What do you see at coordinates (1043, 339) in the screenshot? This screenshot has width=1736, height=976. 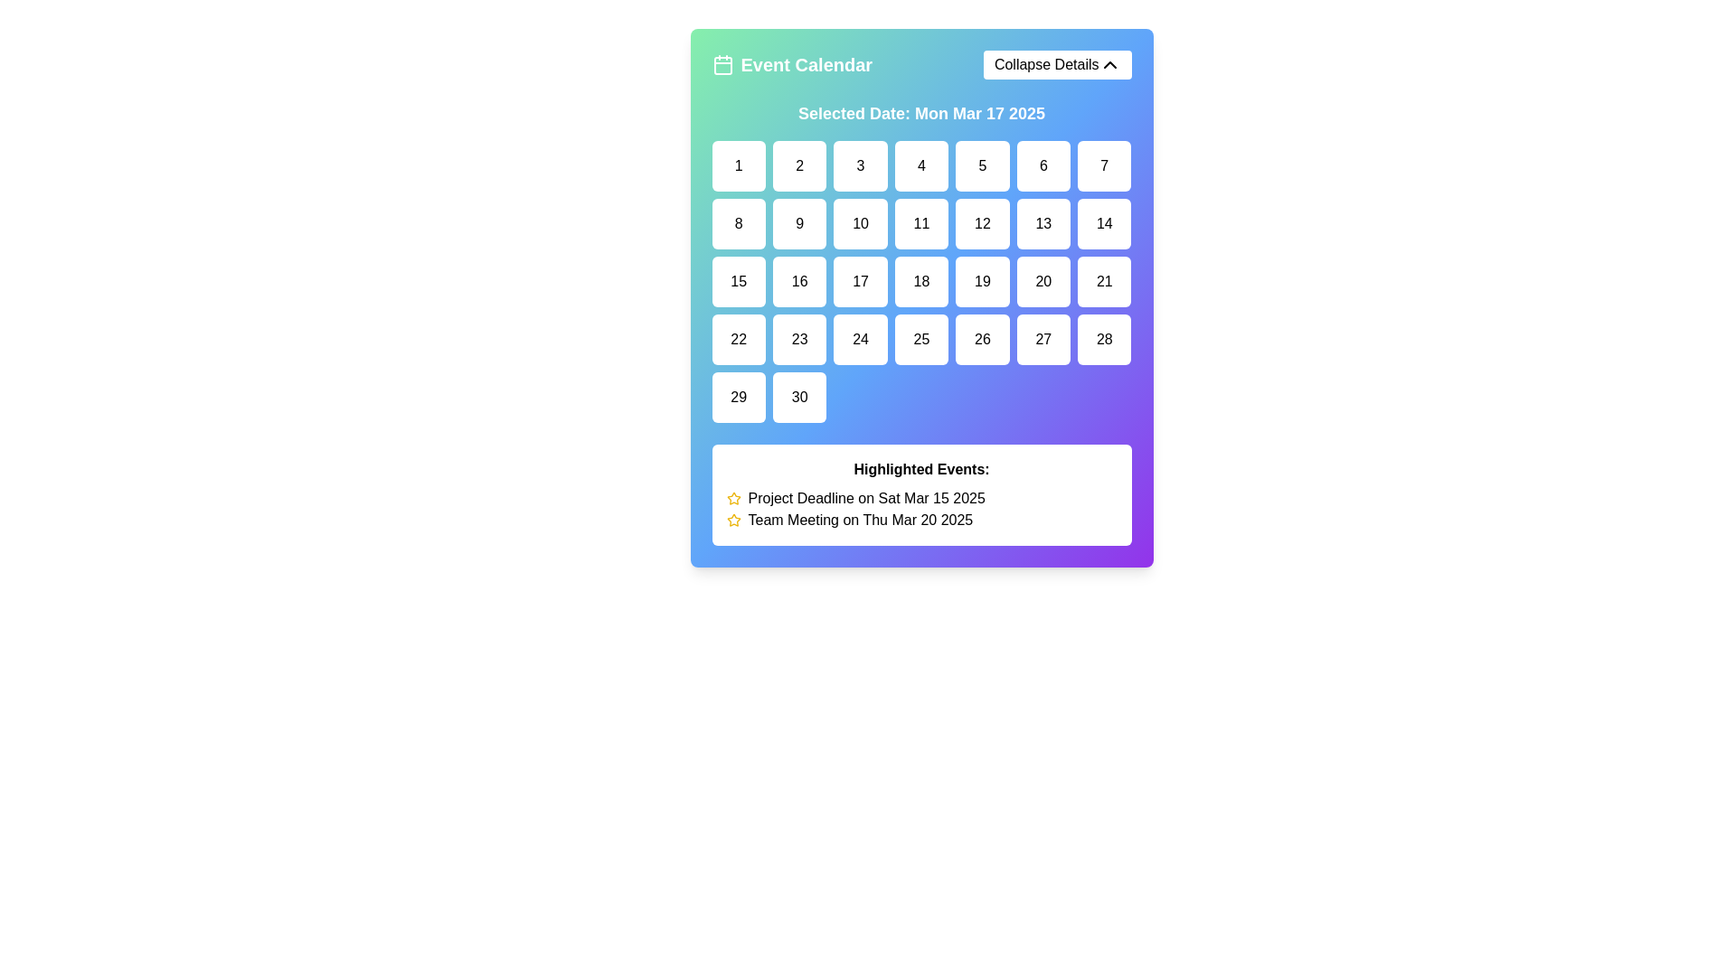 I see `the button displaying the number '27' with a white background and black text, located in the fifth row and fifth column of the calendar grid` at bounding box center [1043, 339].